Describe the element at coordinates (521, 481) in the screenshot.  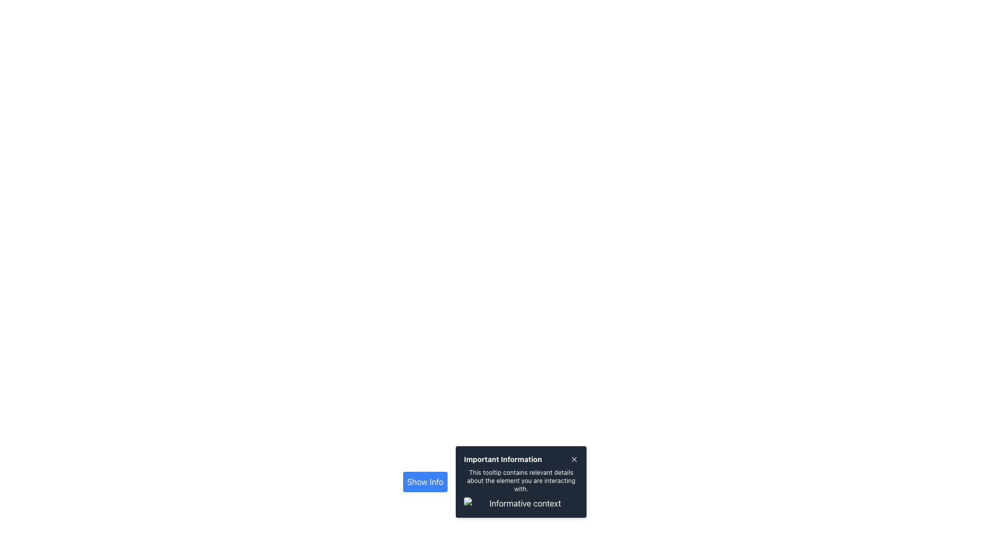
I see `the tooltip styled as a dark gray rectangular box with white text labeled 'Important Information'` at that location.